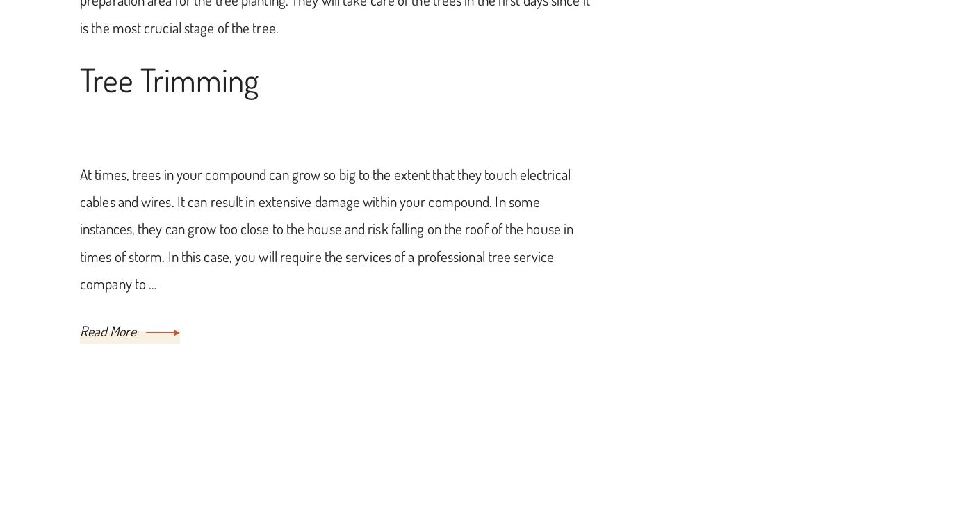  Describe the element at coordinates (326, 227) in the screenshot. I see `'At times, trees in your compound can grow so big to the extent that they touch electrical cables and wires. It can result in extensive damage within your compound. In some instances, they can grow too close to the house and risk falling on the roof of the house in times of storm. In this case, you will require the services of a professional tree service company to …'` at that location.